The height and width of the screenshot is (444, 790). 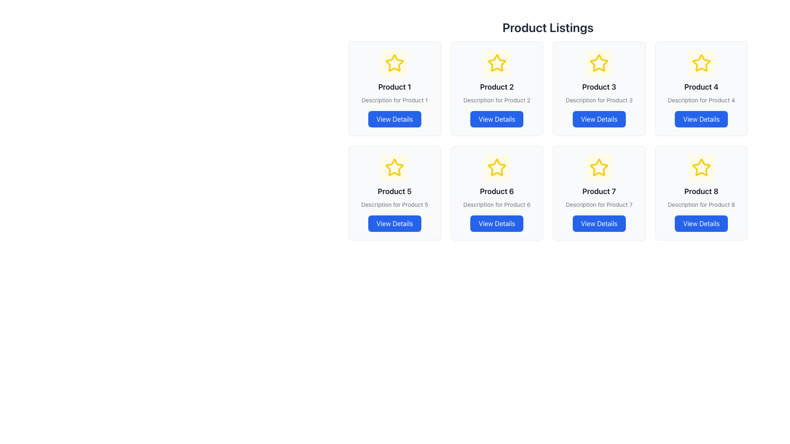 What do you see at coordinates (496, 167) in the screenshot?
I see `the yellow outlined star icon with a hollow center located within the card labeled 'Product 6' to interact or trigger a feature related to the product` at bounding box center [496, 167].